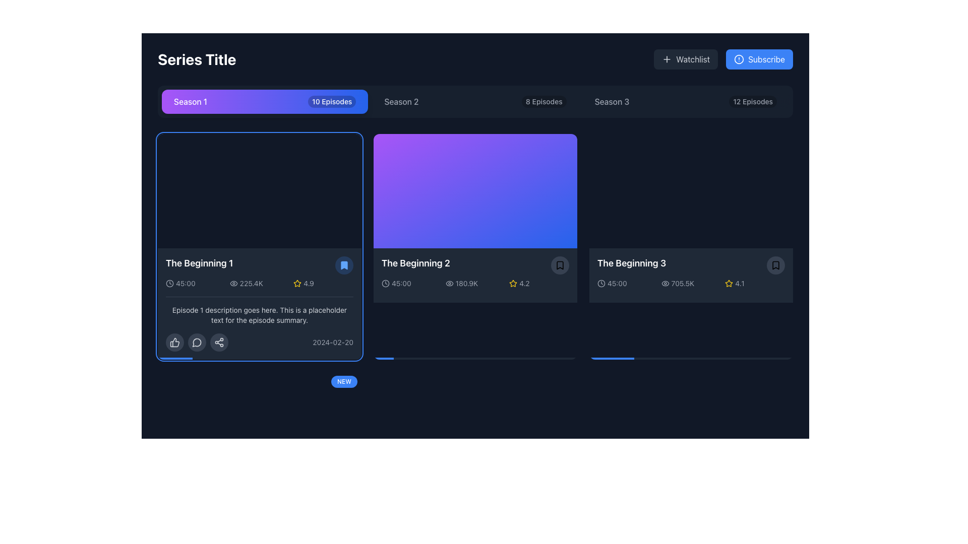  What do you see at coordinates (601, 284) in the screenshot?
I see `the clock icon which is a minimalist dark-themed outlined circular shape with clock hands, located at the beginning of a row for 'The Beginning 3'` at bounding box center [601, 284].